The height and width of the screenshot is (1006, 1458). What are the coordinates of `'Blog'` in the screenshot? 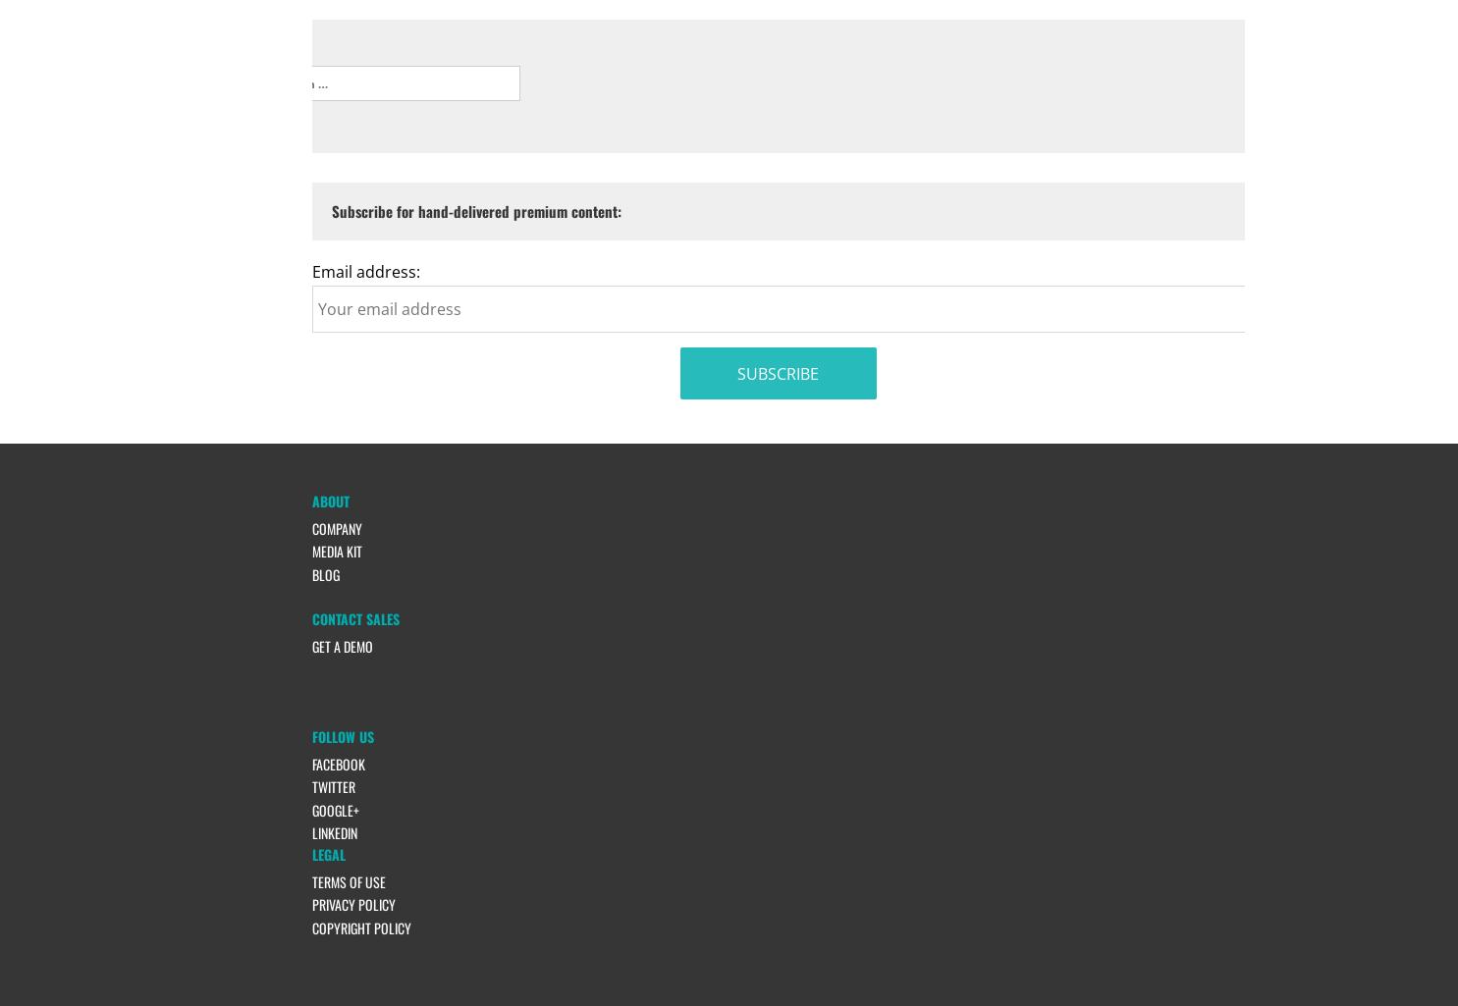 It's located at (324, 573).